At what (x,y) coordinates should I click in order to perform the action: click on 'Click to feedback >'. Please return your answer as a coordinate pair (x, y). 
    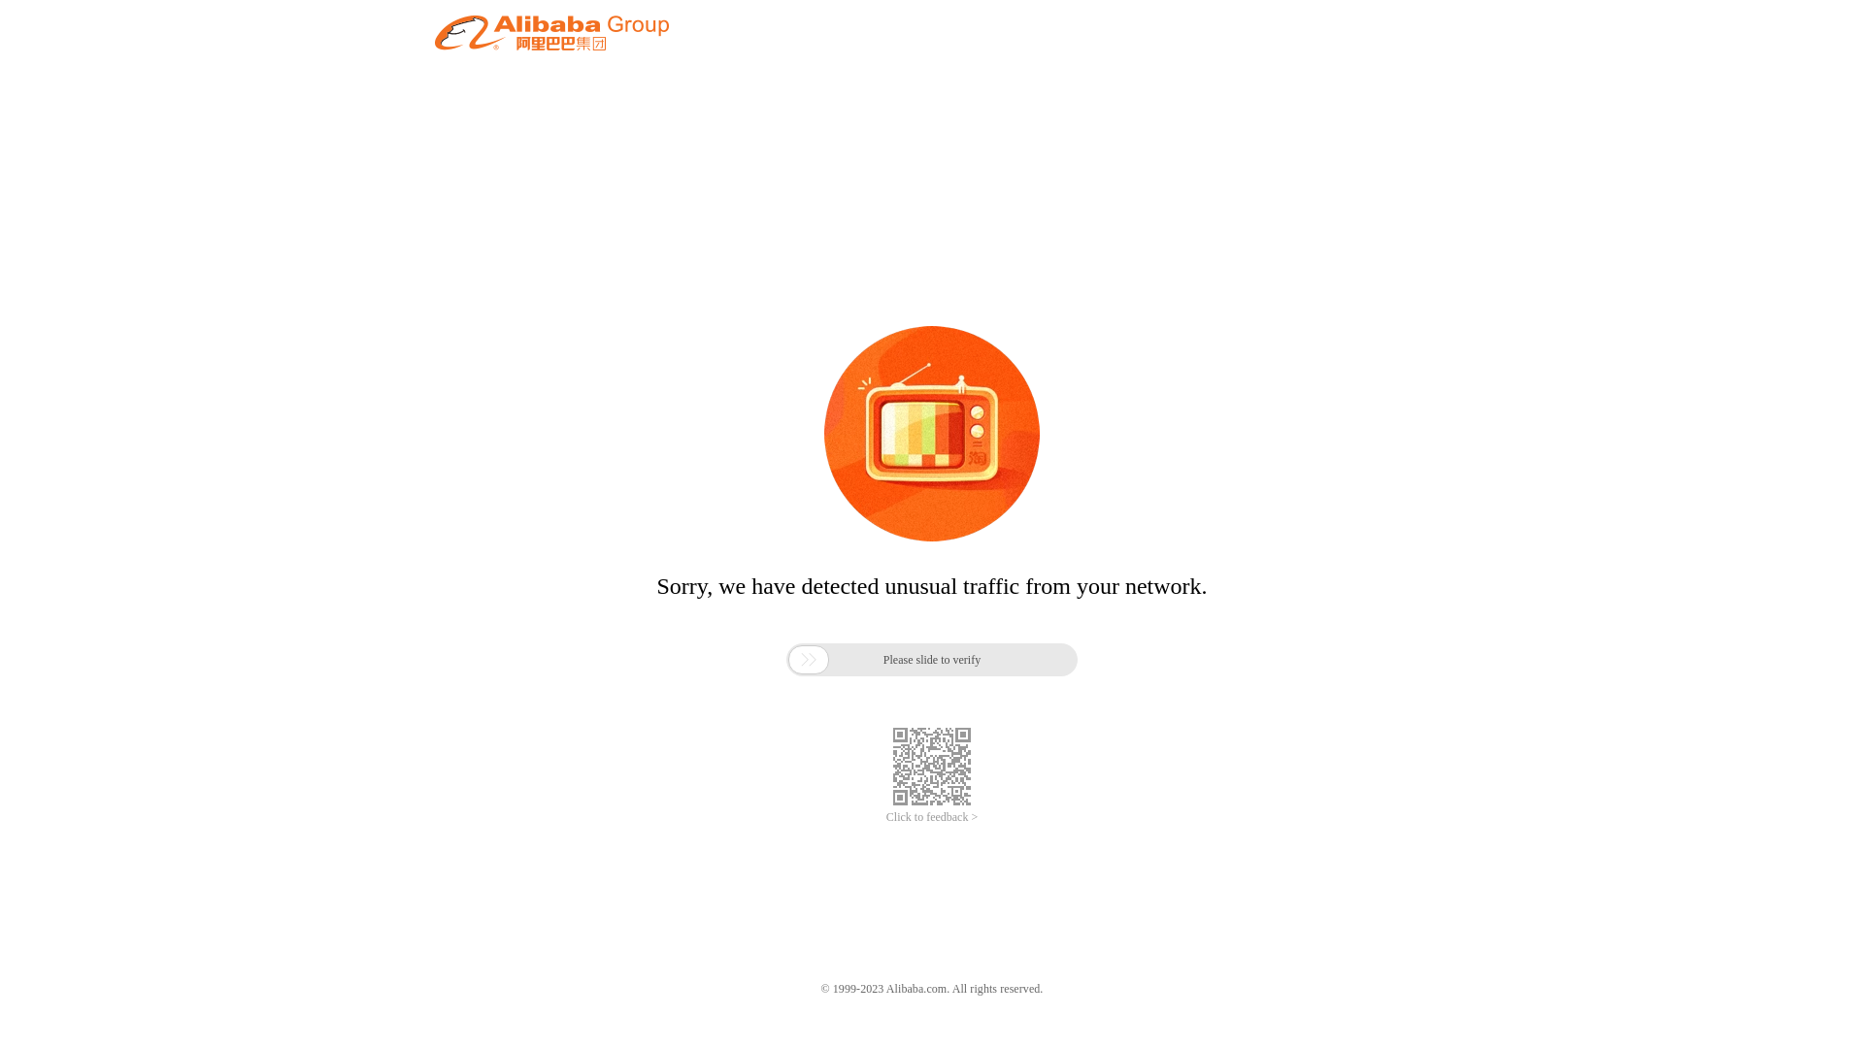
    Looking at the image, I should click on (932, 817).